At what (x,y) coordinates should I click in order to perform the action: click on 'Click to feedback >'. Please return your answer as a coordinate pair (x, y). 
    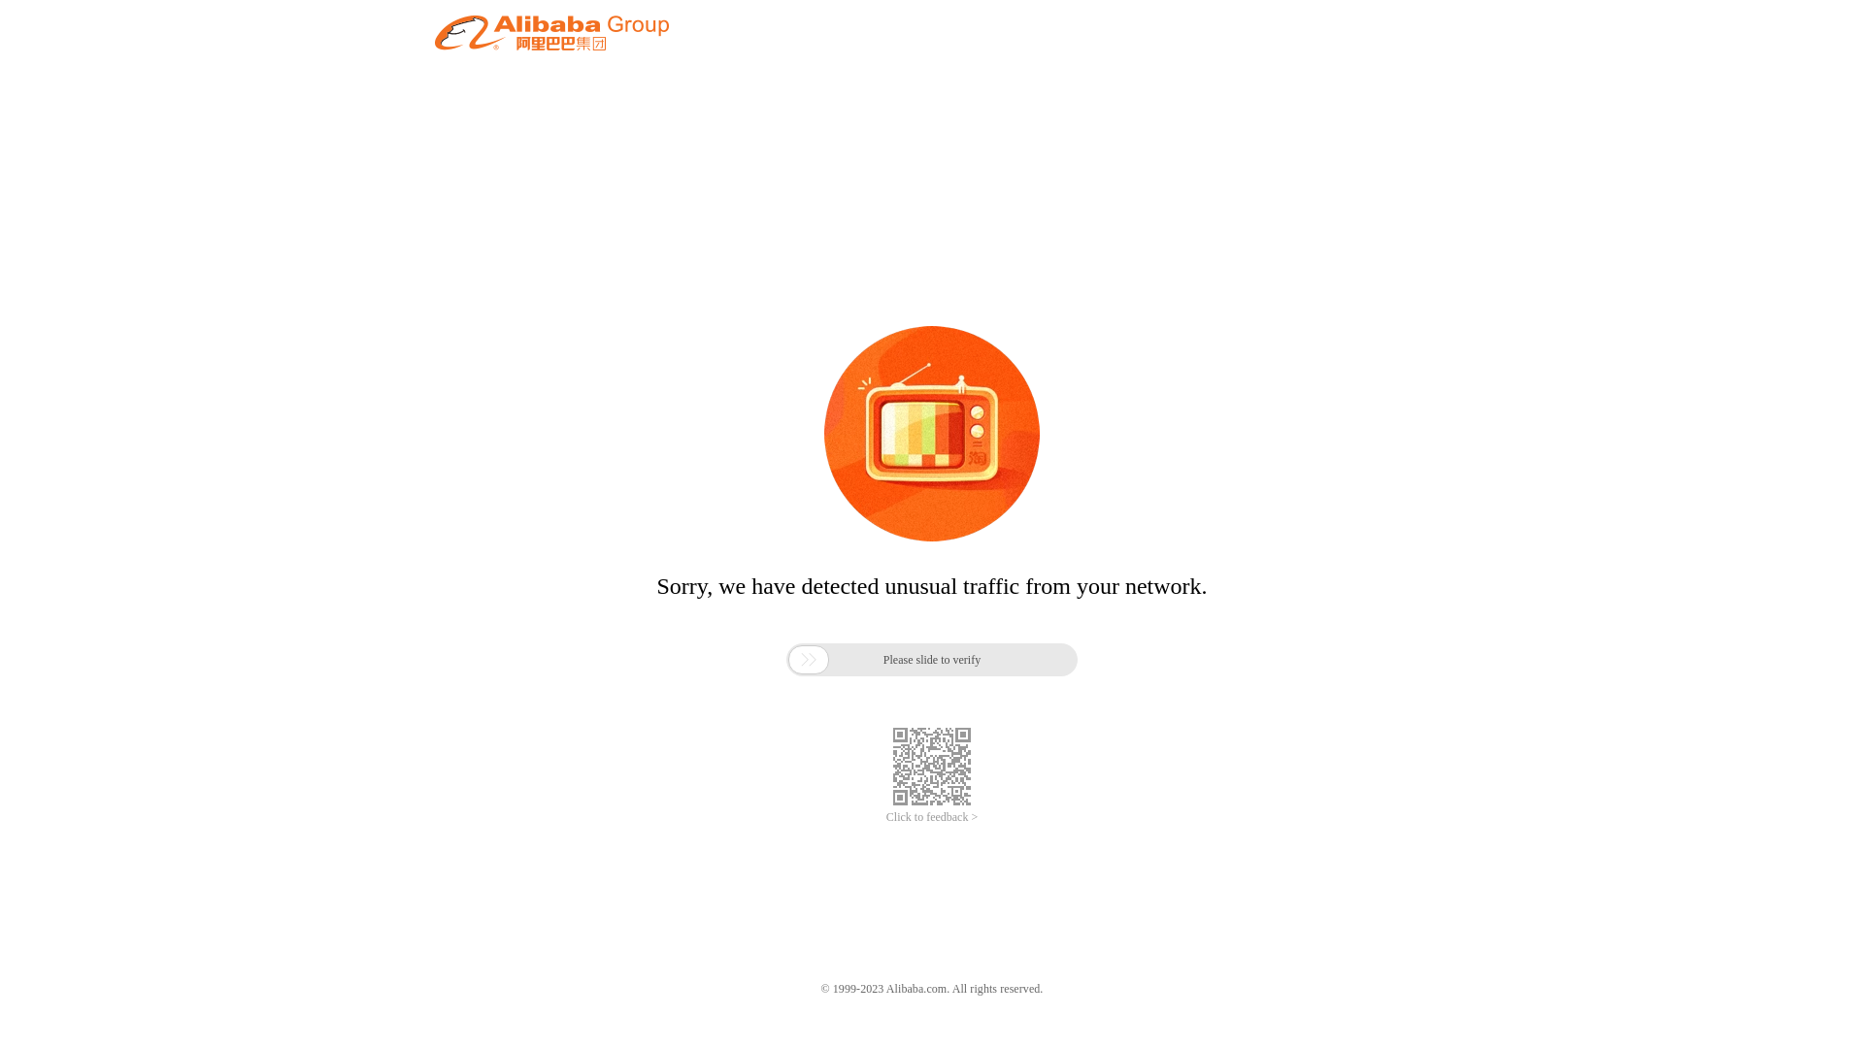
    Looking at the image, I should click on (932, 817).